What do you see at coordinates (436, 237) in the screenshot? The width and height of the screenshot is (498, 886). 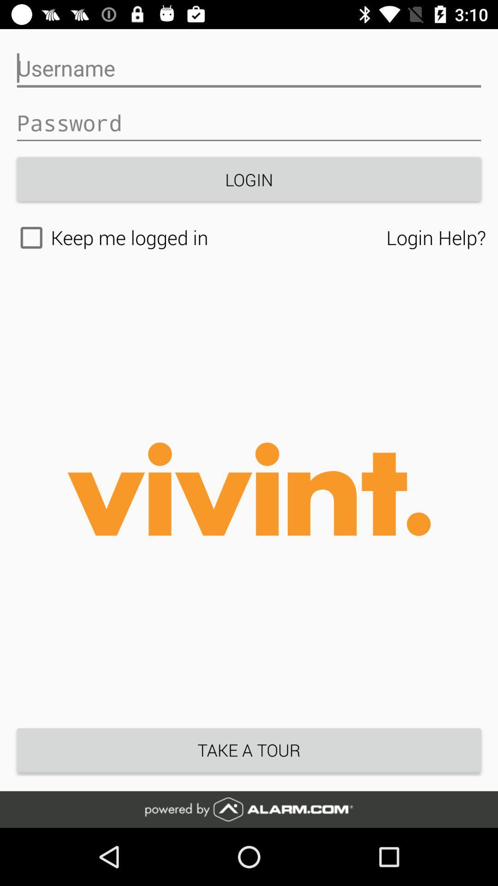 I see `the item at the top right corner` at bounding box center [436, 237].